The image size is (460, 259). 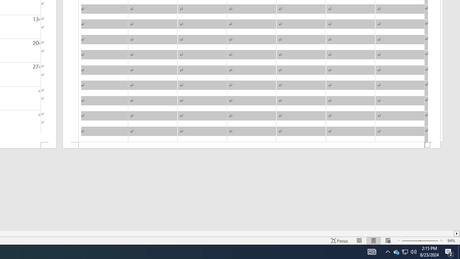 I want to click on 'Zoom Out', so click(x=410, y=241).